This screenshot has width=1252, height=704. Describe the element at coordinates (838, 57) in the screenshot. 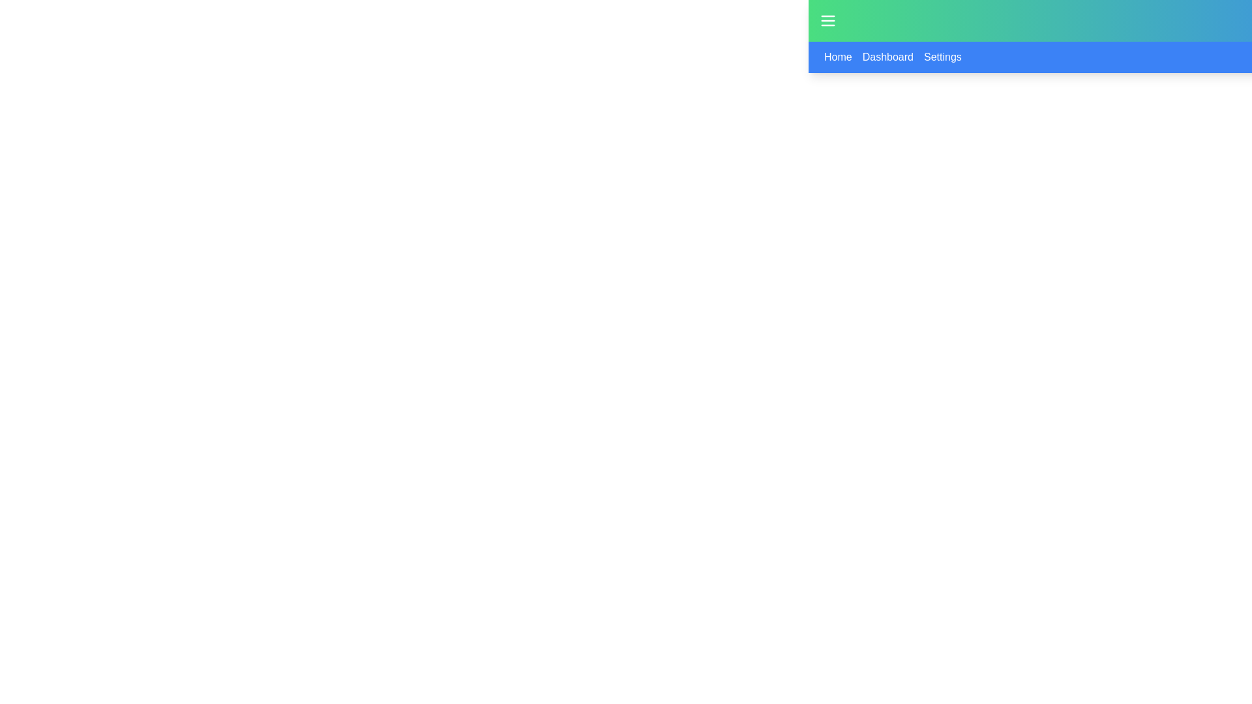

I see `the 'Home' text link` at that location.